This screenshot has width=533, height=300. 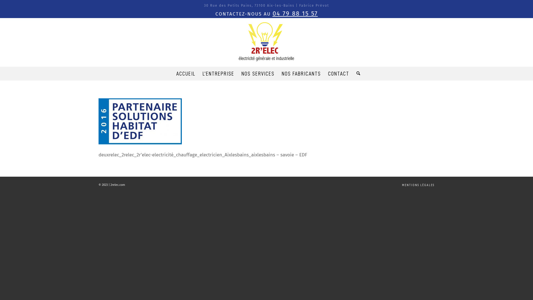 What do you see at coordinates (172, 73) in the screenshot?
I see `'ACCUEIL'` at bounding box center [172, 73].